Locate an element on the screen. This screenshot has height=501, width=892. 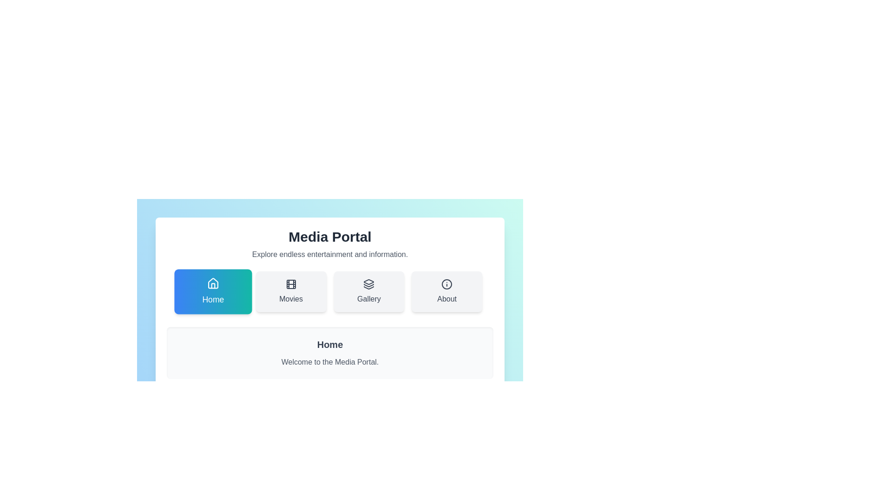
text from the Heading element, which serves as the title of the page or section and is centrally aligned at the top of the main content area is located at coordinates (330, 236).